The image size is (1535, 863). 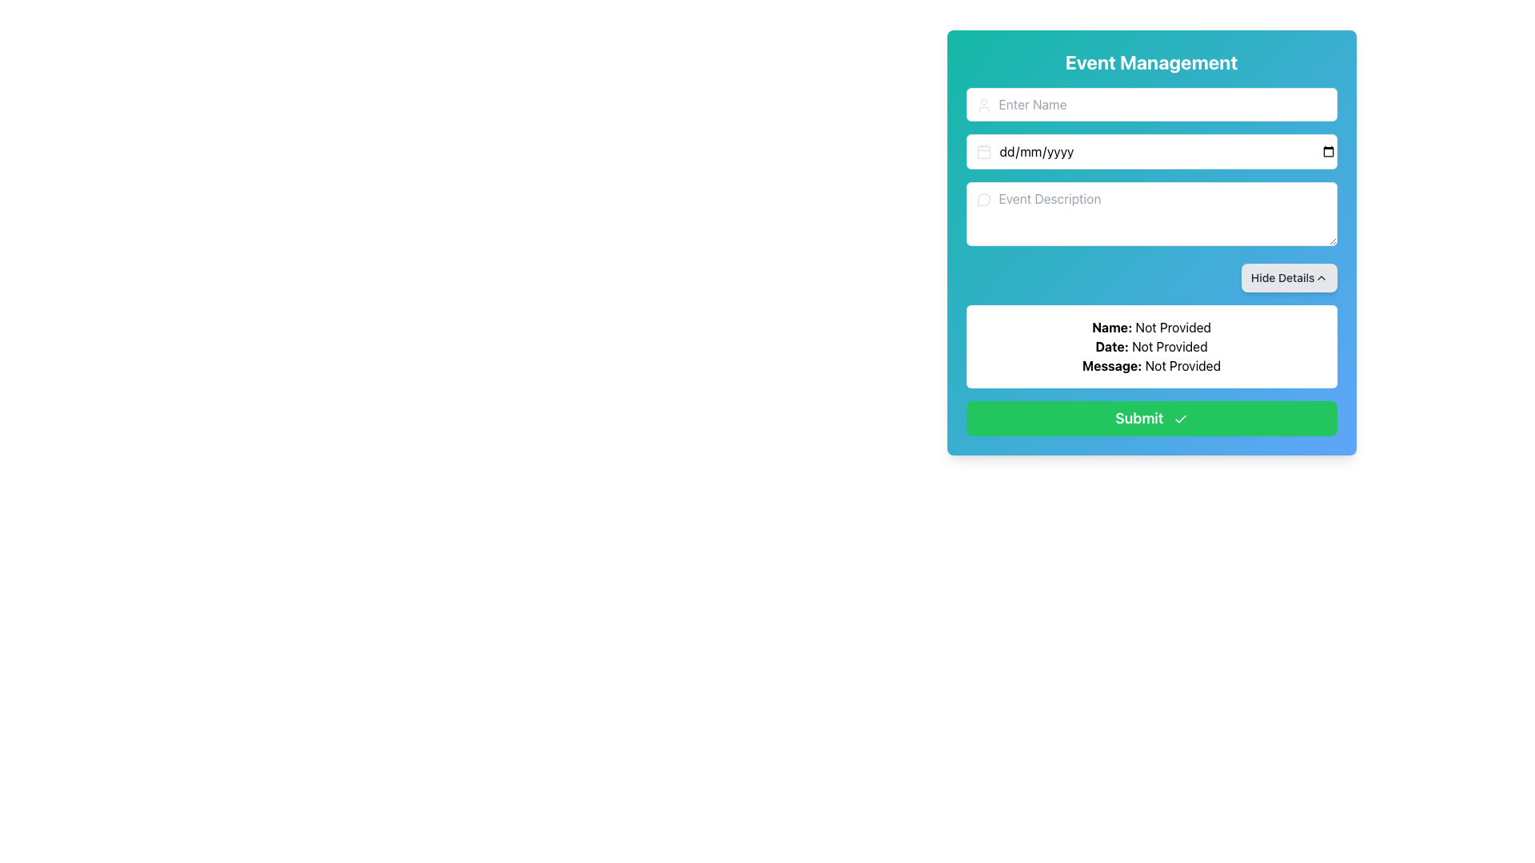 I want to click on the Text Label element displaying 'Name: Not Provided' which is the first item in a list of similar entries, so click(x=1151, y=326).